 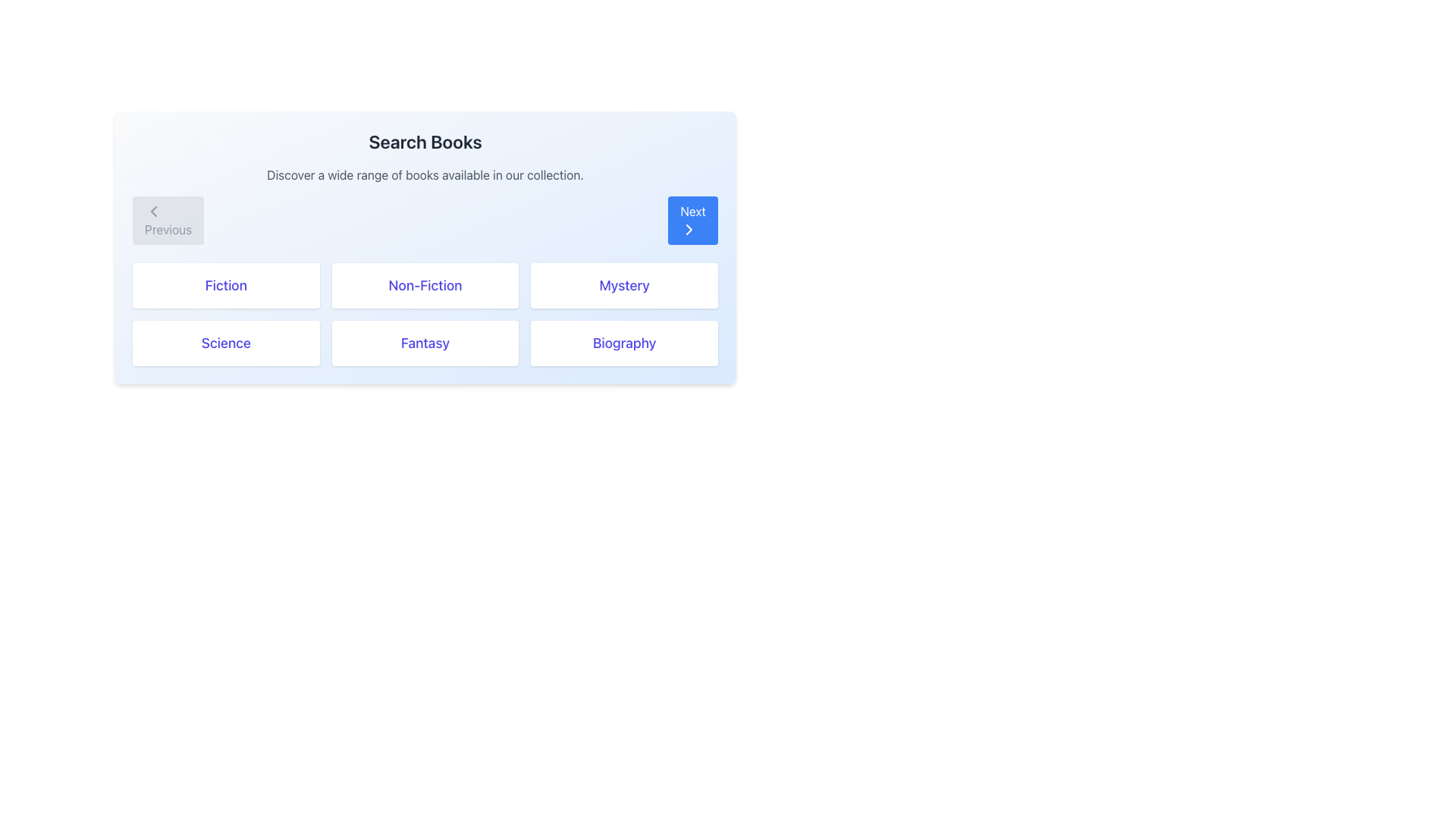 I want to click on the chevron icon inside the grey button labeled 'Previous' located at the upper left side of the interface, so click(x=153, y=211).